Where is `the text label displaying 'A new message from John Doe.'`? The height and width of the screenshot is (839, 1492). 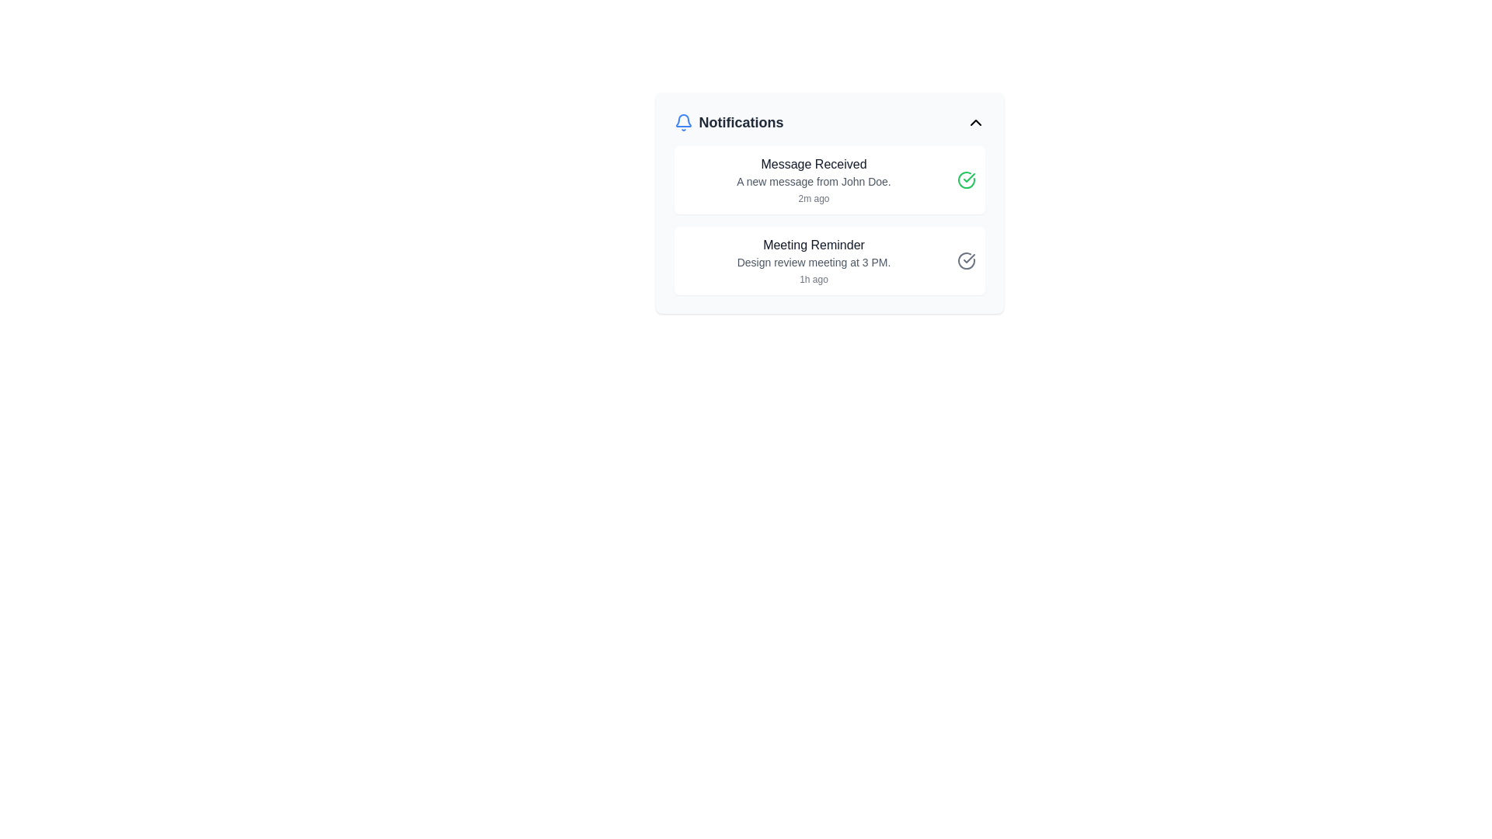
the text label displaying 'A new message from John Doe.' is located at coordinates (813, 181).